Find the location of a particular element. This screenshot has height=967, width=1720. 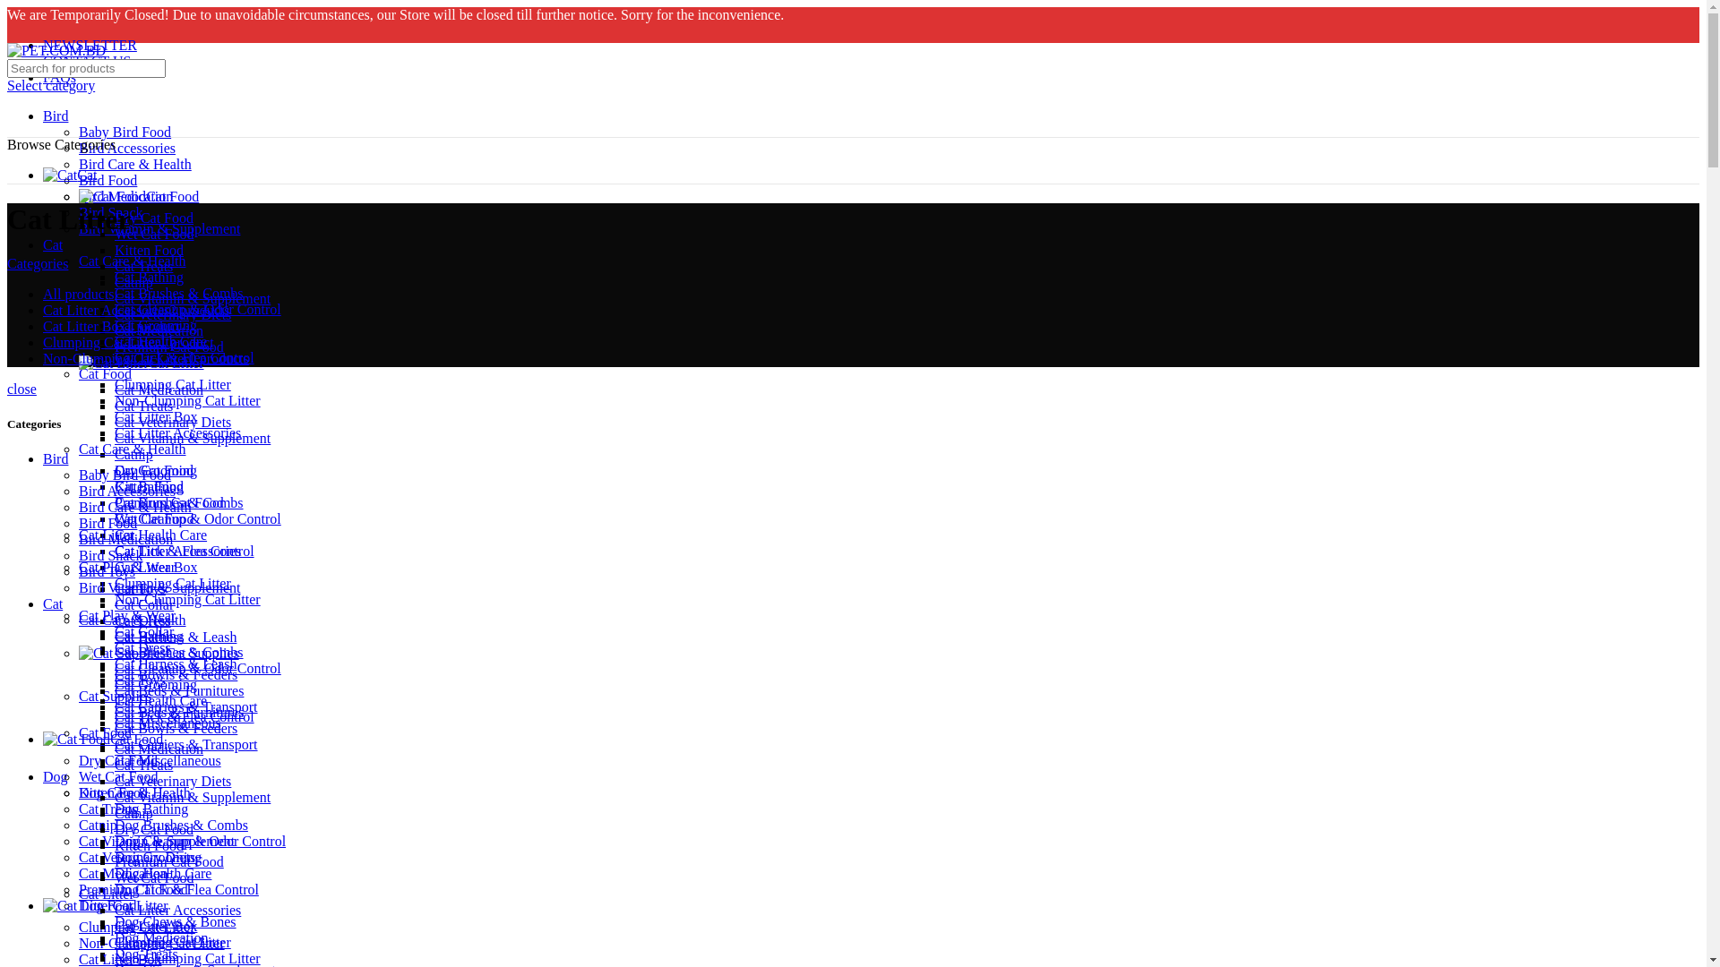

'Cat Toys' is located at coordinates (114, 588).